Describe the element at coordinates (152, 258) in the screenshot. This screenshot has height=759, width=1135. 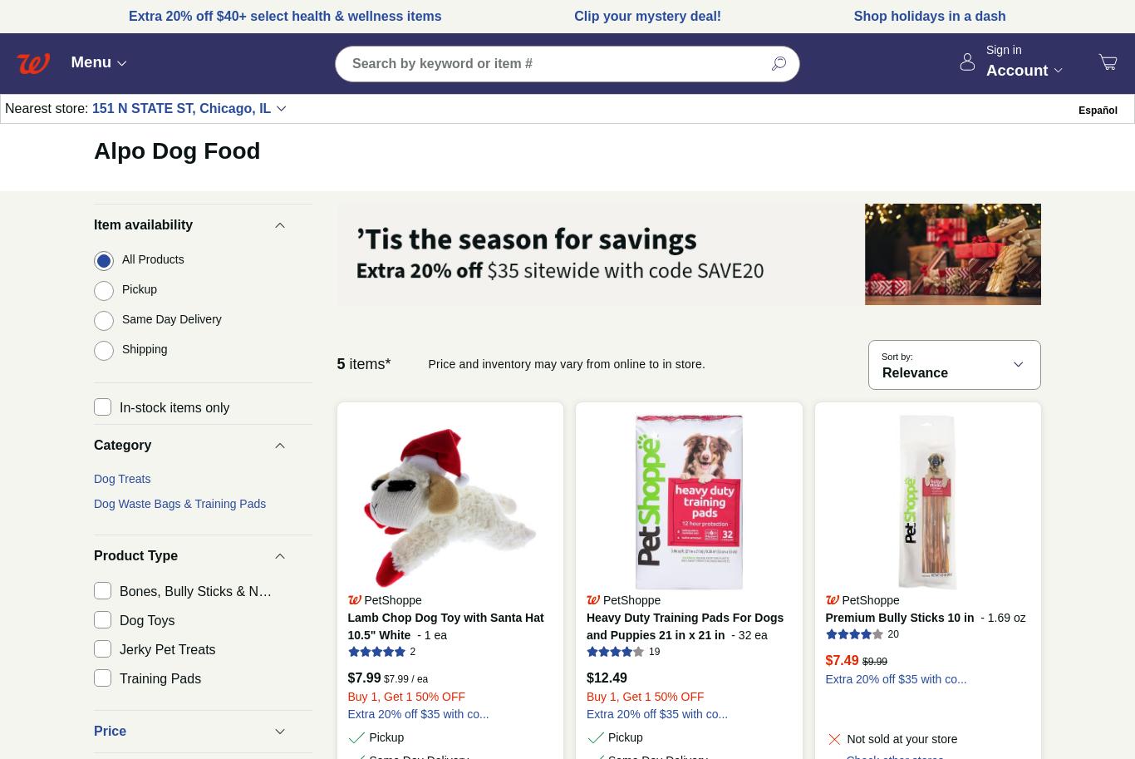
I see `'All Products'` at that location.